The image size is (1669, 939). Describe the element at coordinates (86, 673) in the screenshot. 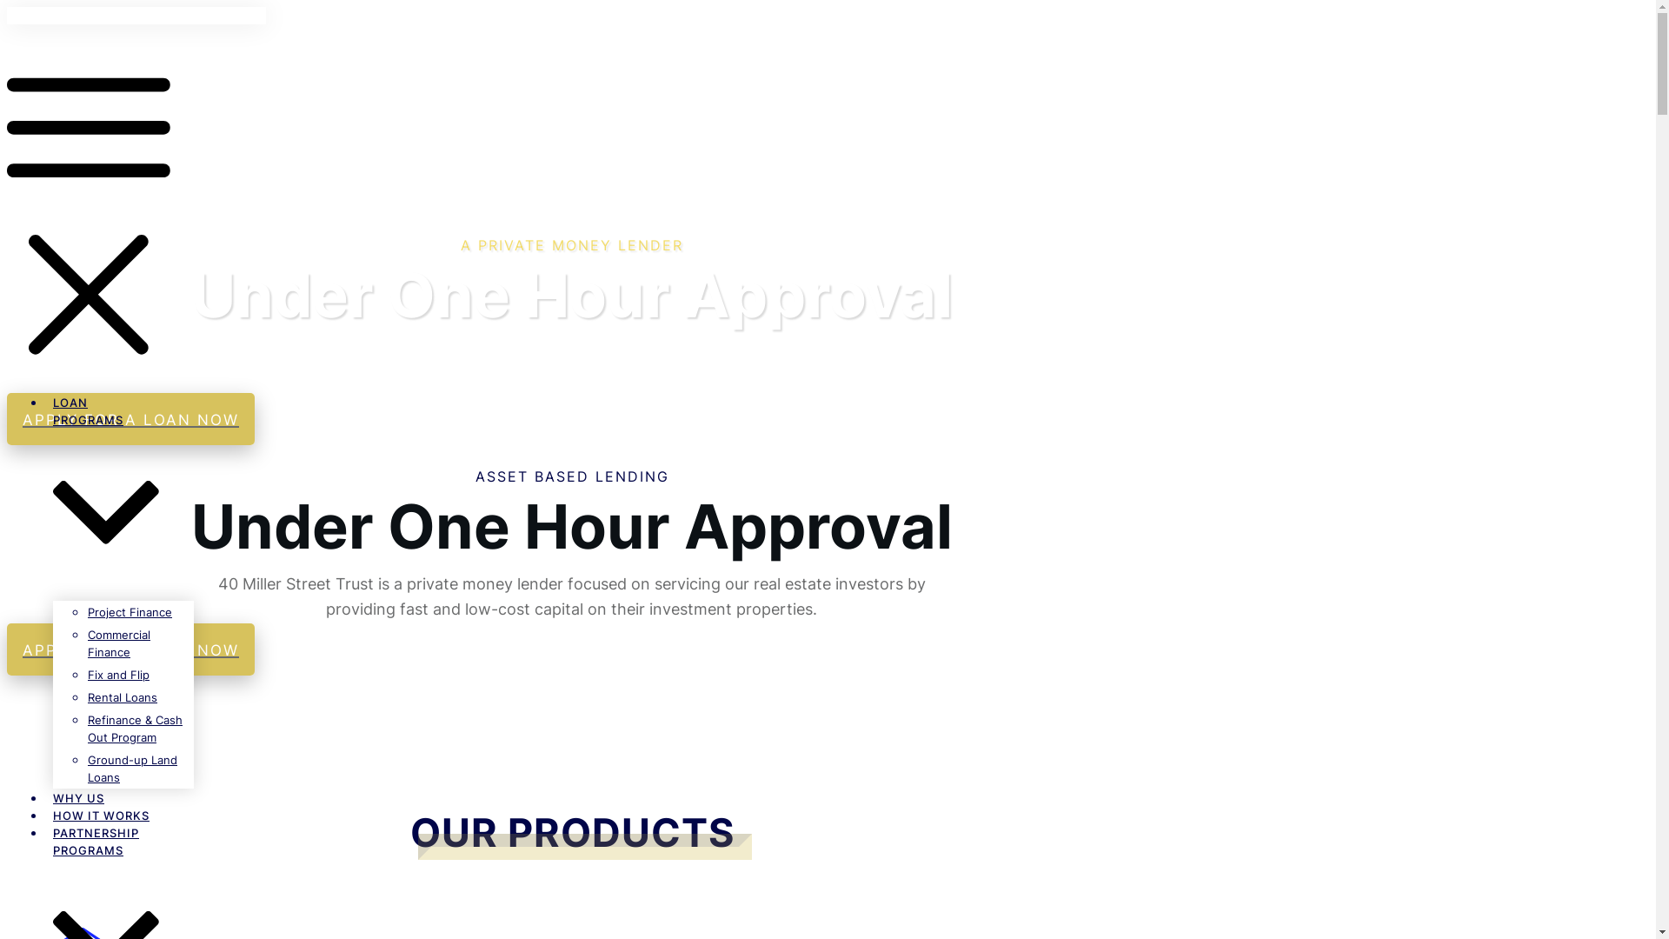

I see `'Fix and Flip'` at that location.